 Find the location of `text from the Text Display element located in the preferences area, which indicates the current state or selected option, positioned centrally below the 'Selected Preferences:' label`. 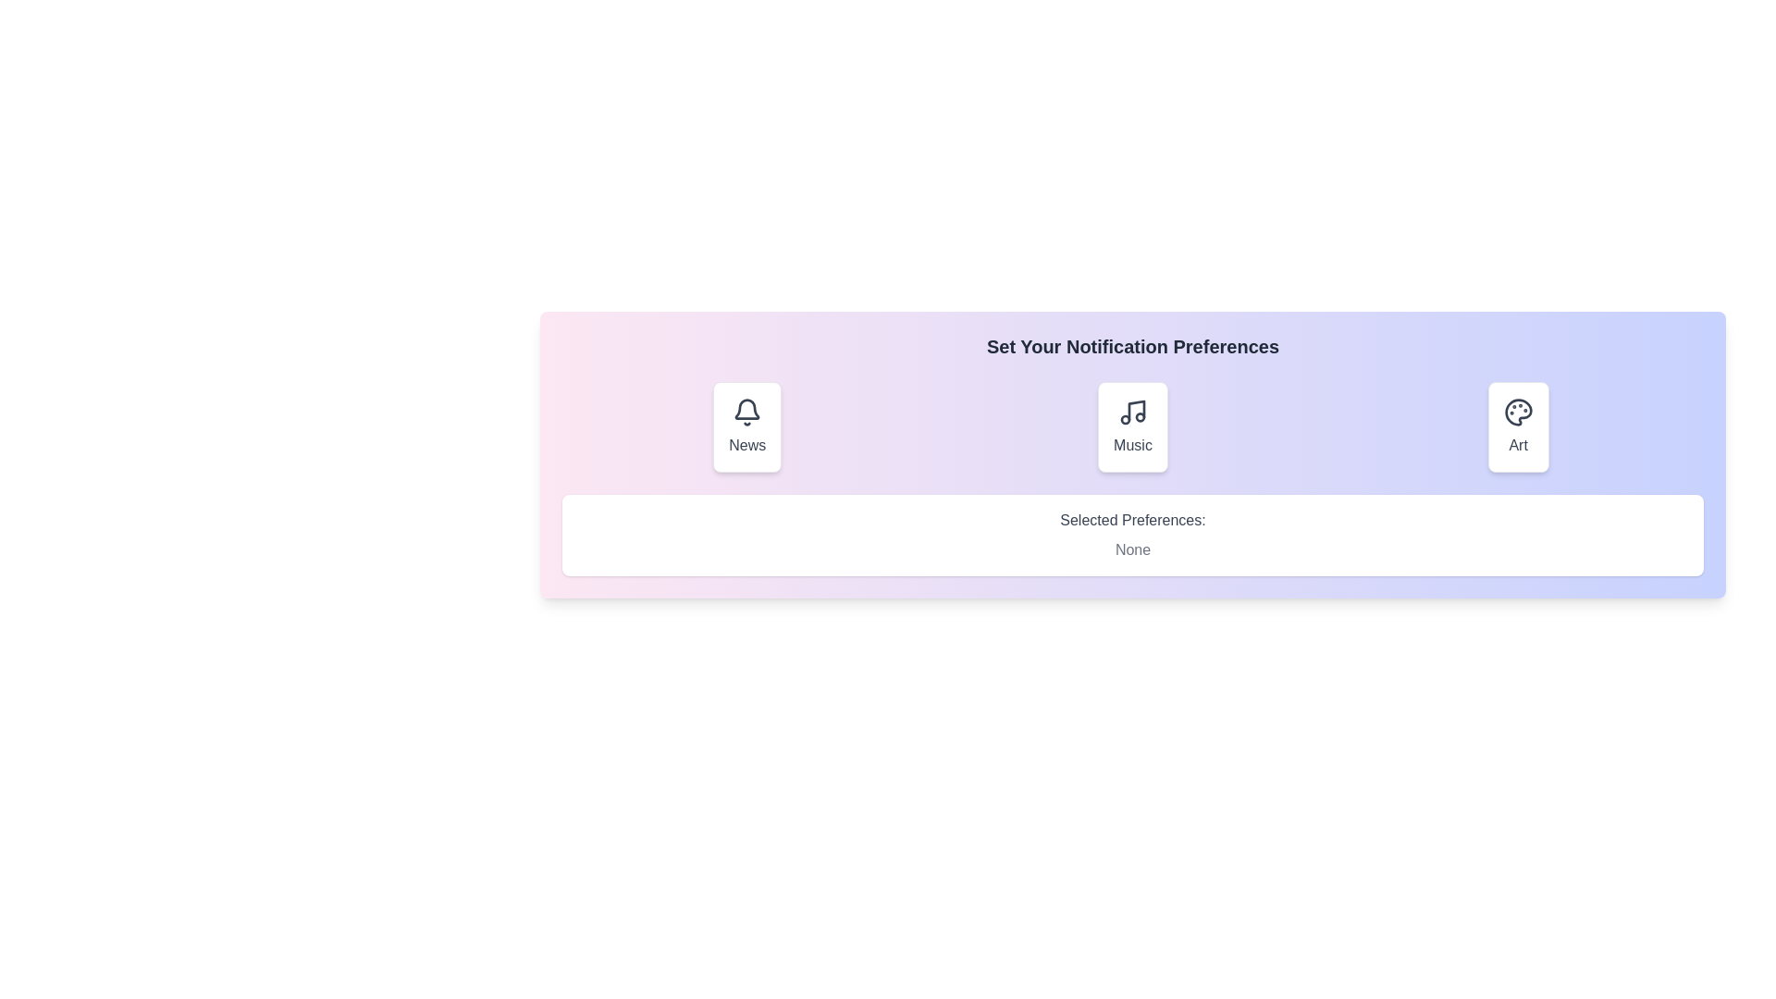

text from the Text Display element located in the preferences area, which indicates the current state or selected option, positioned centrally below the 'Selected Preferences:' label is located at coordinates (1131, 549).